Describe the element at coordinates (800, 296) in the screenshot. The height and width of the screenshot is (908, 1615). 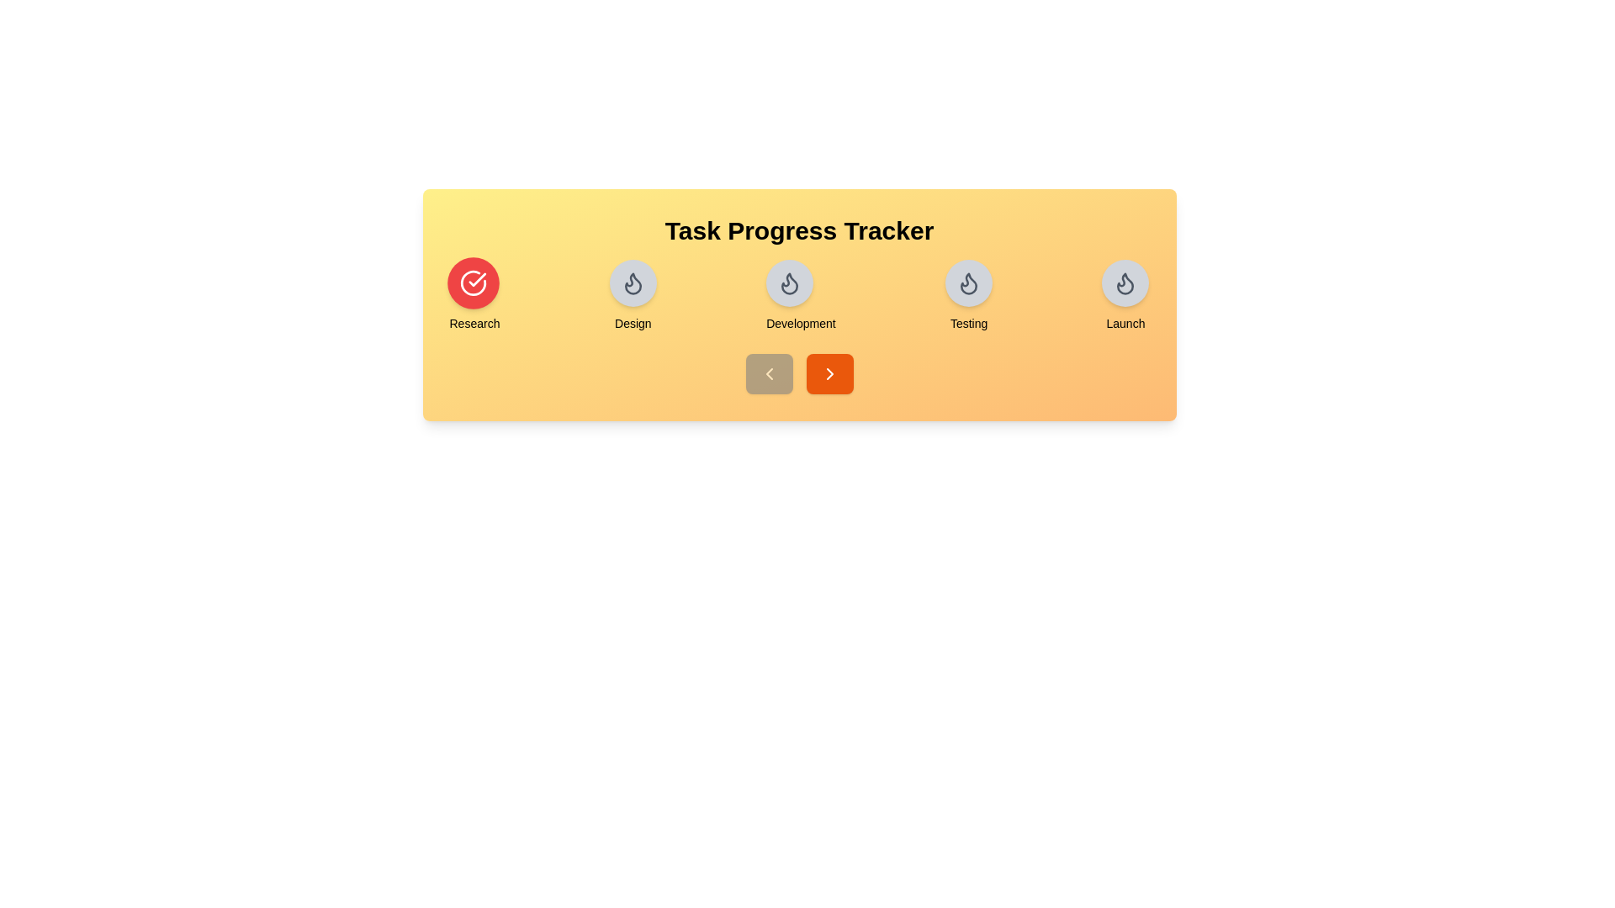
I see `the circular flame icon labeled 'Development'` at that location.